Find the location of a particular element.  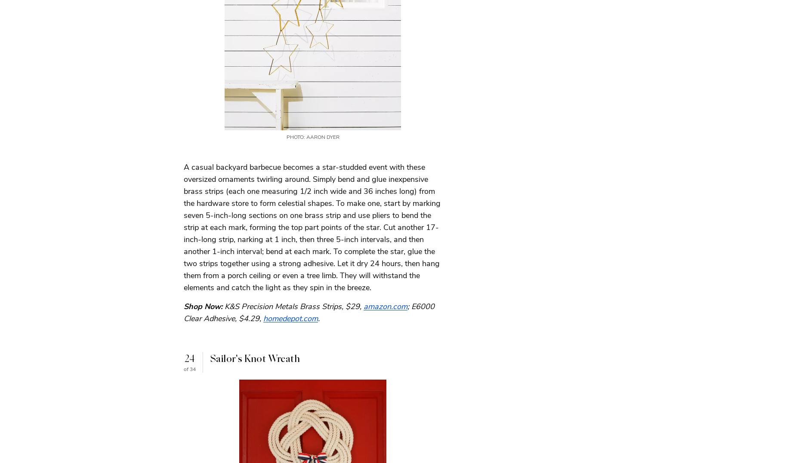

'Sailor's Knot Wreath' is located at coordinates (255, 358).